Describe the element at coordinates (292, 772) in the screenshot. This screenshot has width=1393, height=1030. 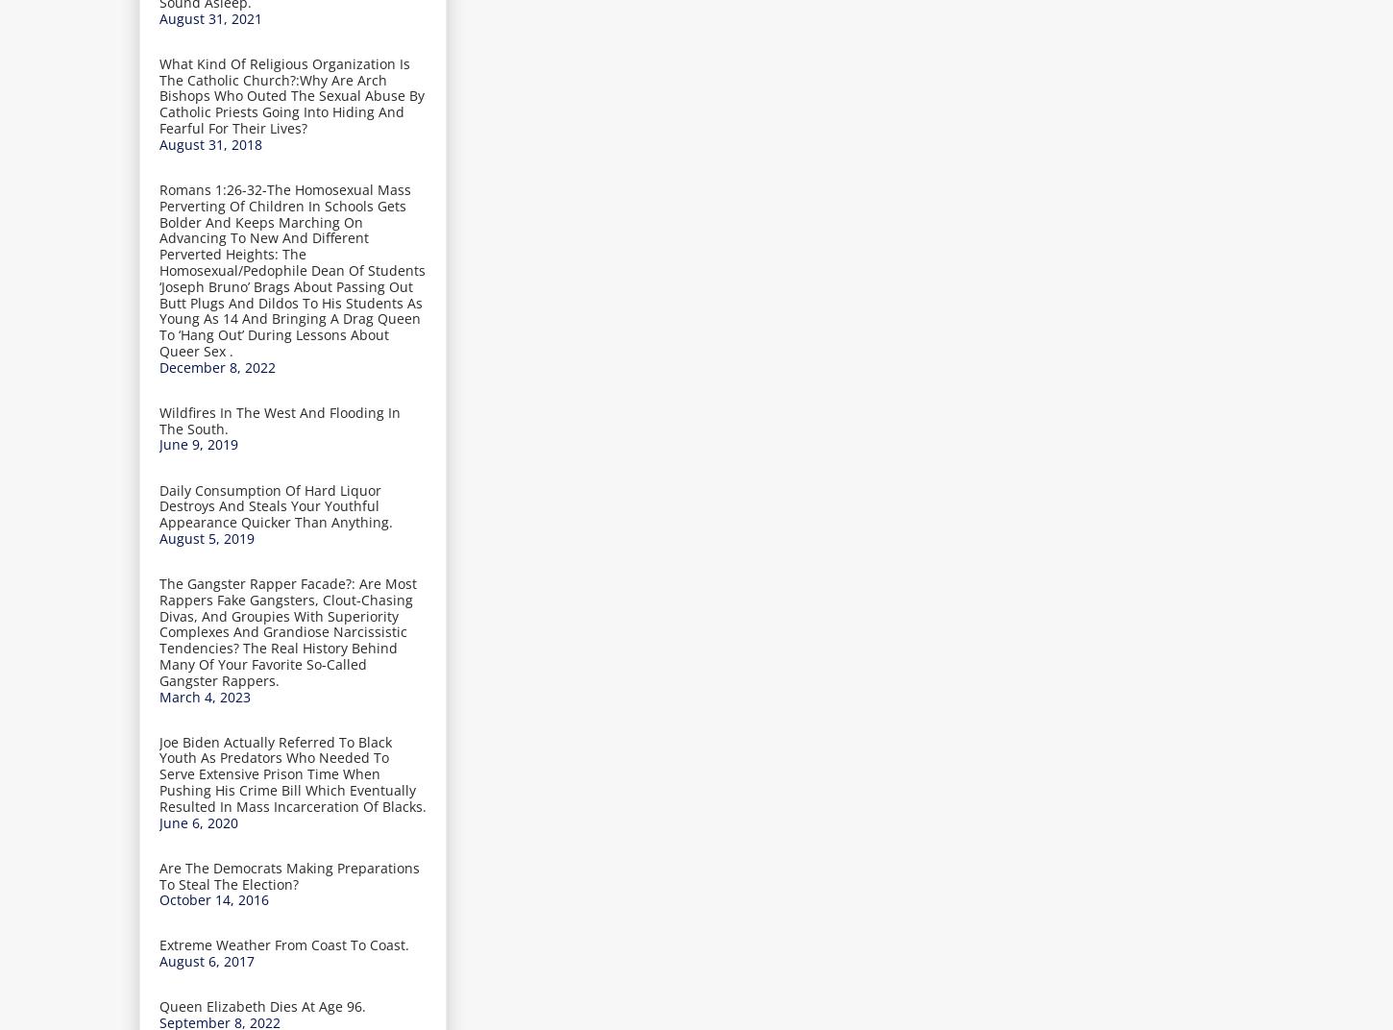
I see `'Joe Biden Actually Referred To Black Youth As Predators Who Needed To Serve Extensive Prison Time When Pushing His Crime Bill Which Eventually Resulted In Mass Incarceration Of Blacks.'` at that location.